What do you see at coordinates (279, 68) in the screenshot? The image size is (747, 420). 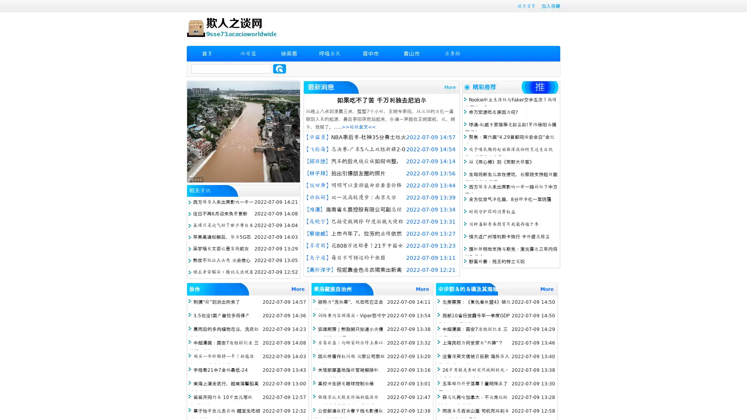 I see `Search` at bounding box center [279, 68].